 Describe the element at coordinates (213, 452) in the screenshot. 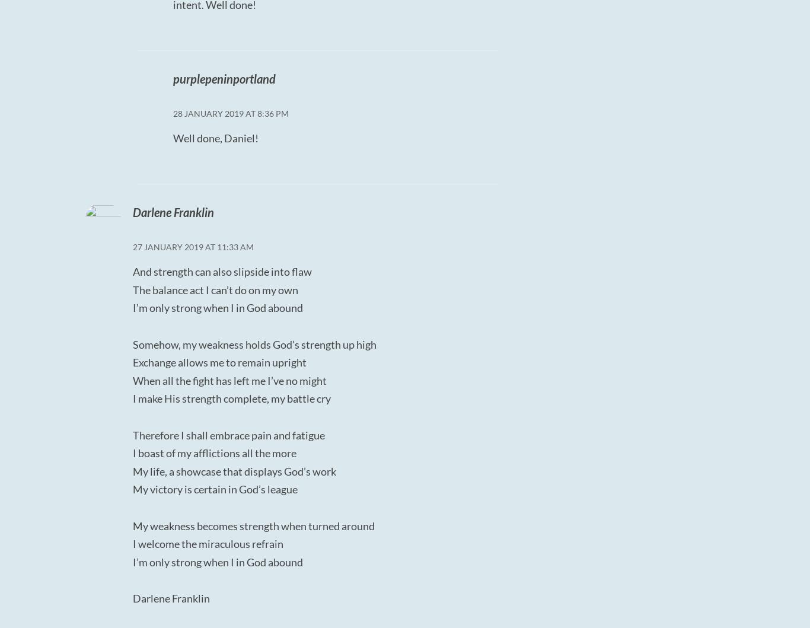

I see `'I boast of my afflictions all the more'` at that location.